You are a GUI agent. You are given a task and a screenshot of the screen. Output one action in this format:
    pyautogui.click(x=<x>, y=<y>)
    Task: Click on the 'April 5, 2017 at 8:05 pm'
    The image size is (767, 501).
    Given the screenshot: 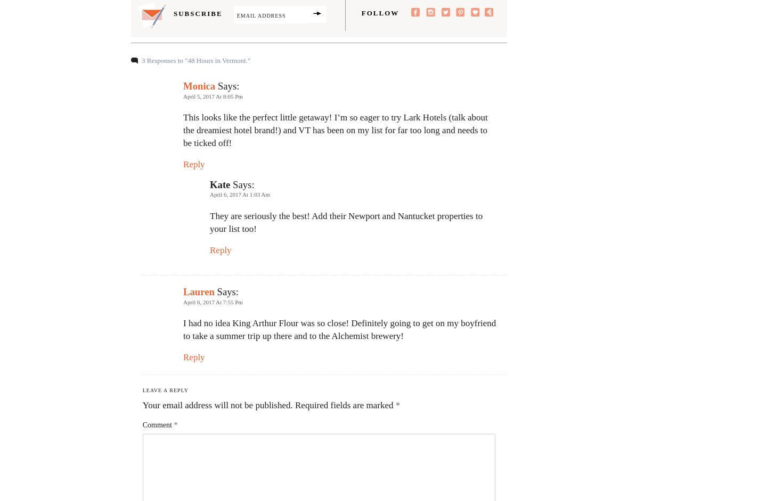 What is the action you would take?
    pyautogui.click(x=212, y=96)
    